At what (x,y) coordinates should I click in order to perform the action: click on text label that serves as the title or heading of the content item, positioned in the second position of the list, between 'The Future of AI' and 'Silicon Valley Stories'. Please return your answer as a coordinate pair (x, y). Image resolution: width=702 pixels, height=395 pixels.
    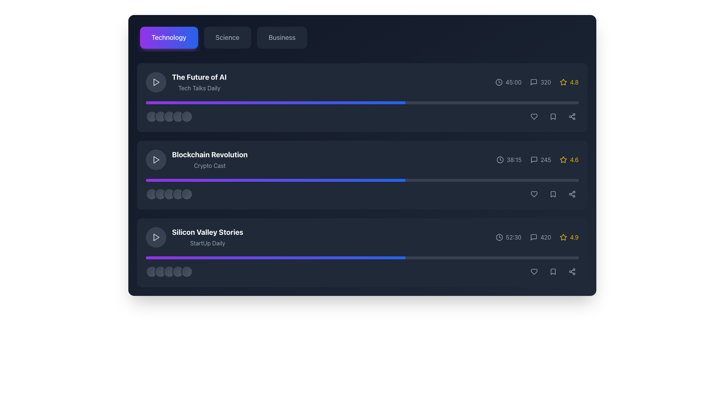
    Looking at the image, I should click on (209, 154).